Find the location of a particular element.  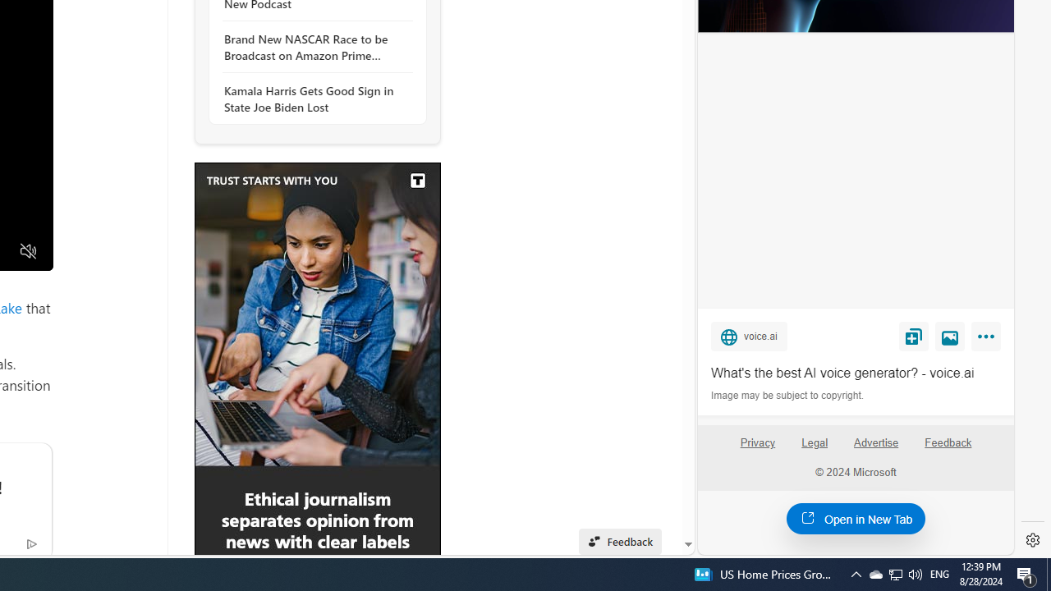

'Ad Choice' is located at coordinates (31, 543).